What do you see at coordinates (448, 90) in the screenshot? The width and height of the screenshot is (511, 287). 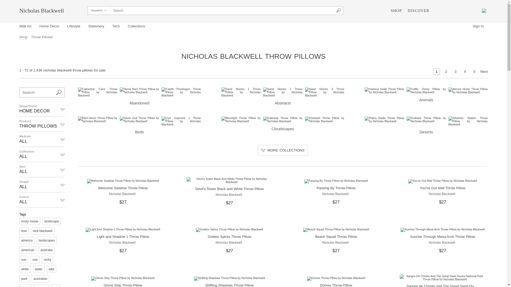 I see `'Almost Home Throw Pillow by Nicholas Blackwell'` at bounding box center [448, 90].